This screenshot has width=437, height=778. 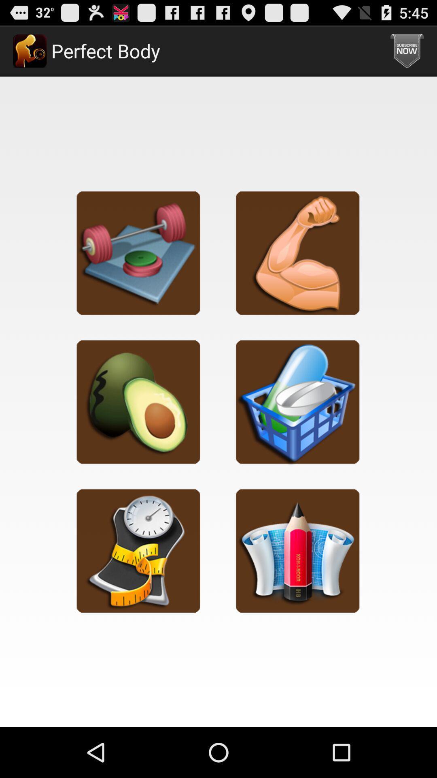 What do you see at coordinates (138, 550) in the screenshot?
I see `scale` at bounding box center [138, 550].